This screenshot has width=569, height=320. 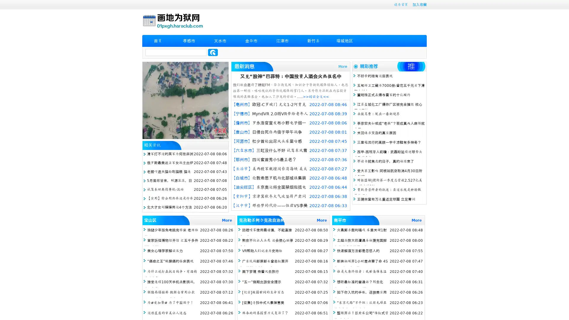 I want to click on Search, so click(x=213, y=52).